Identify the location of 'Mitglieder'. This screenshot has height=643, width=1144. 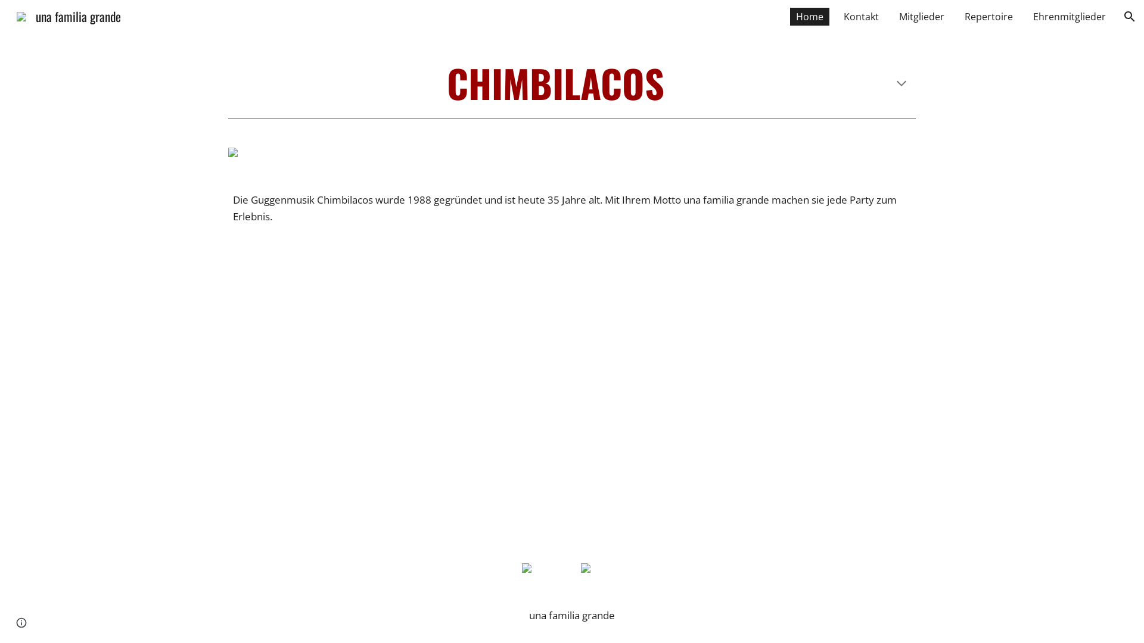
(921, 16).